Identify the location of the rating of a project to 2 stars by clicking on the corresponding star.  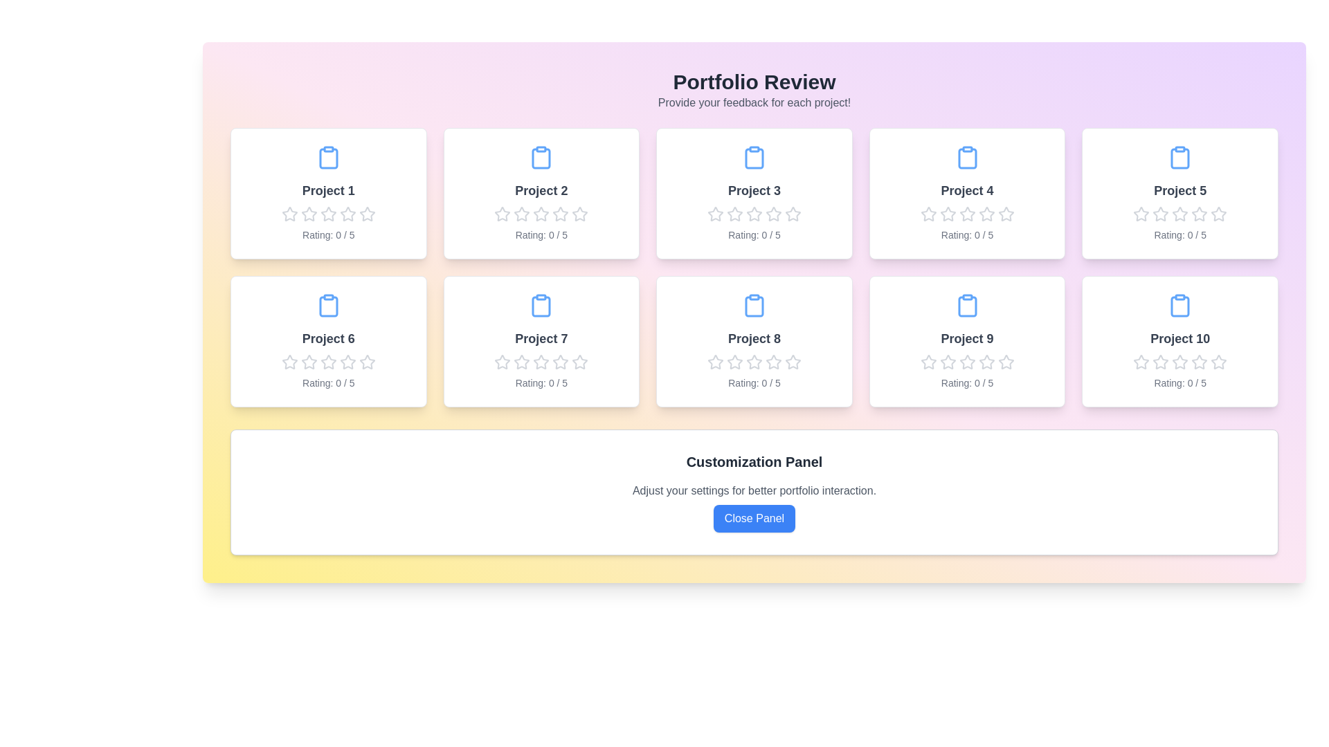
(308, 214).